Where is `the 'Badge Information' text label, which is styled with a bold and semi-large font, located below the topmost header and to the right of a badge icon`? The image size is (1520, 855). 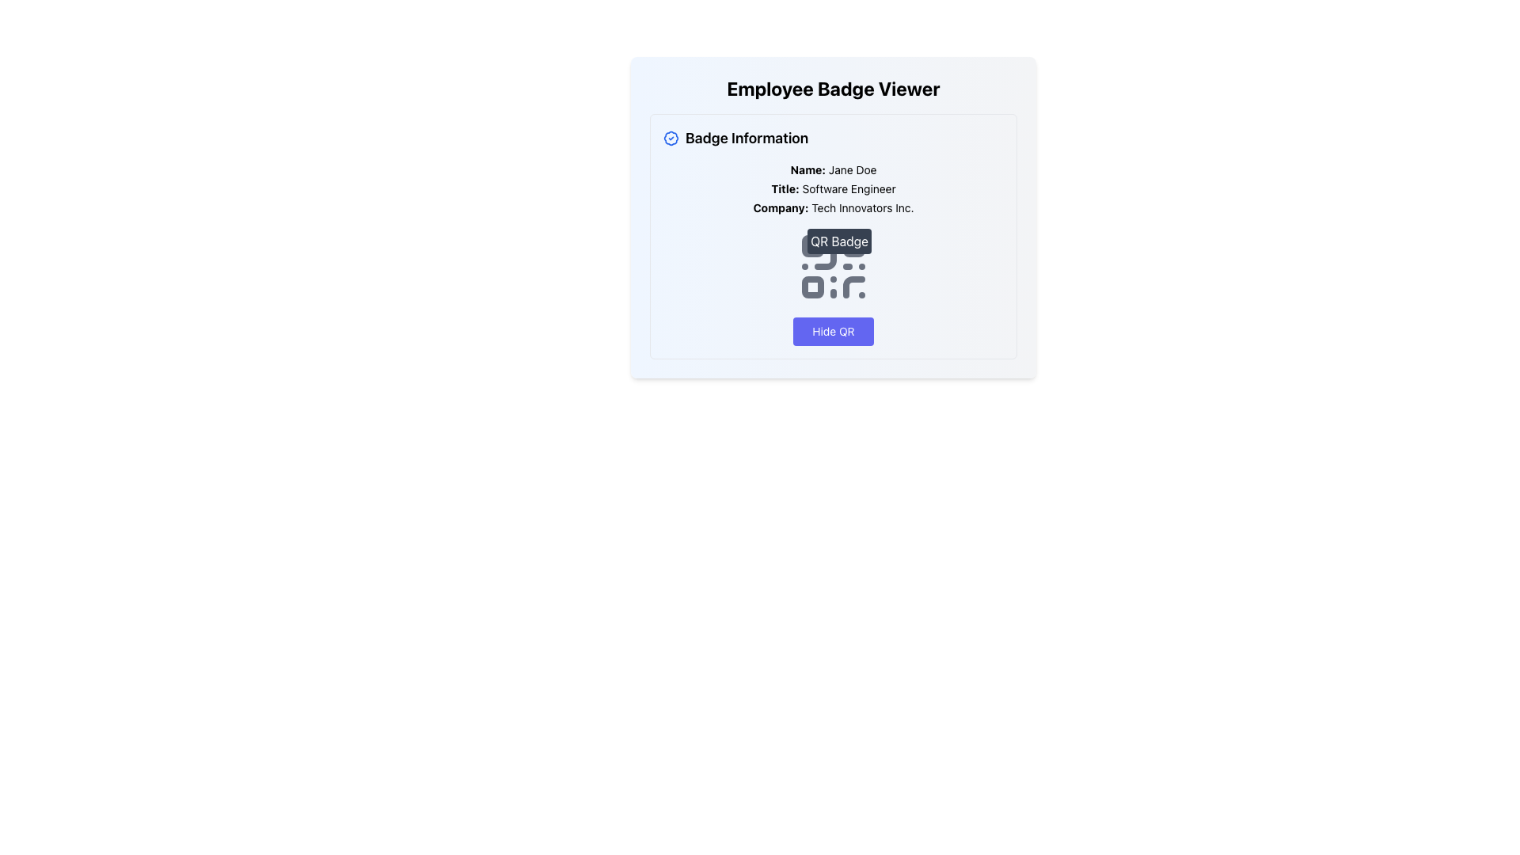
the 'Badge Information' text label, which is styled with a bold and semi-large font, located below the topmost header and to the right of a badge icon is located at coordinates (746, 137).